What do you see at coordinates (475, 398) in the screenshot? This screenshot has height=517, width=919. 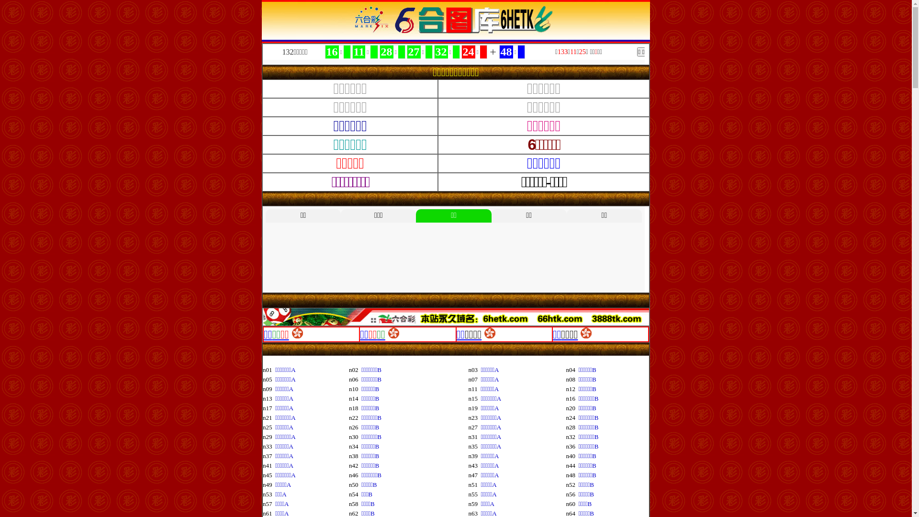 I see `'n15 '` at bounding box center [475, 398].